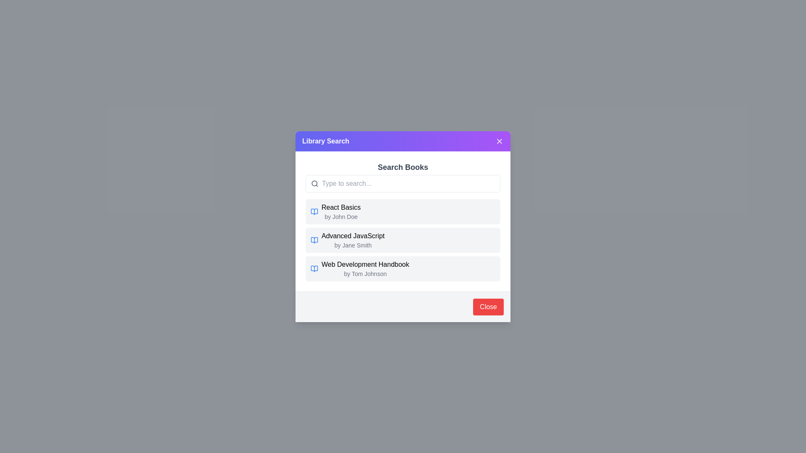 The width and height of the screenshot is (806, 453). What do you see at coordinates (365, 264) in the screenshot?
I see `text displayed in the bold label 'Web Development Handbook' which is positioned centrally in the modal dialog above the line 'by Tom Johnson'` at bounding box center [365, 264].